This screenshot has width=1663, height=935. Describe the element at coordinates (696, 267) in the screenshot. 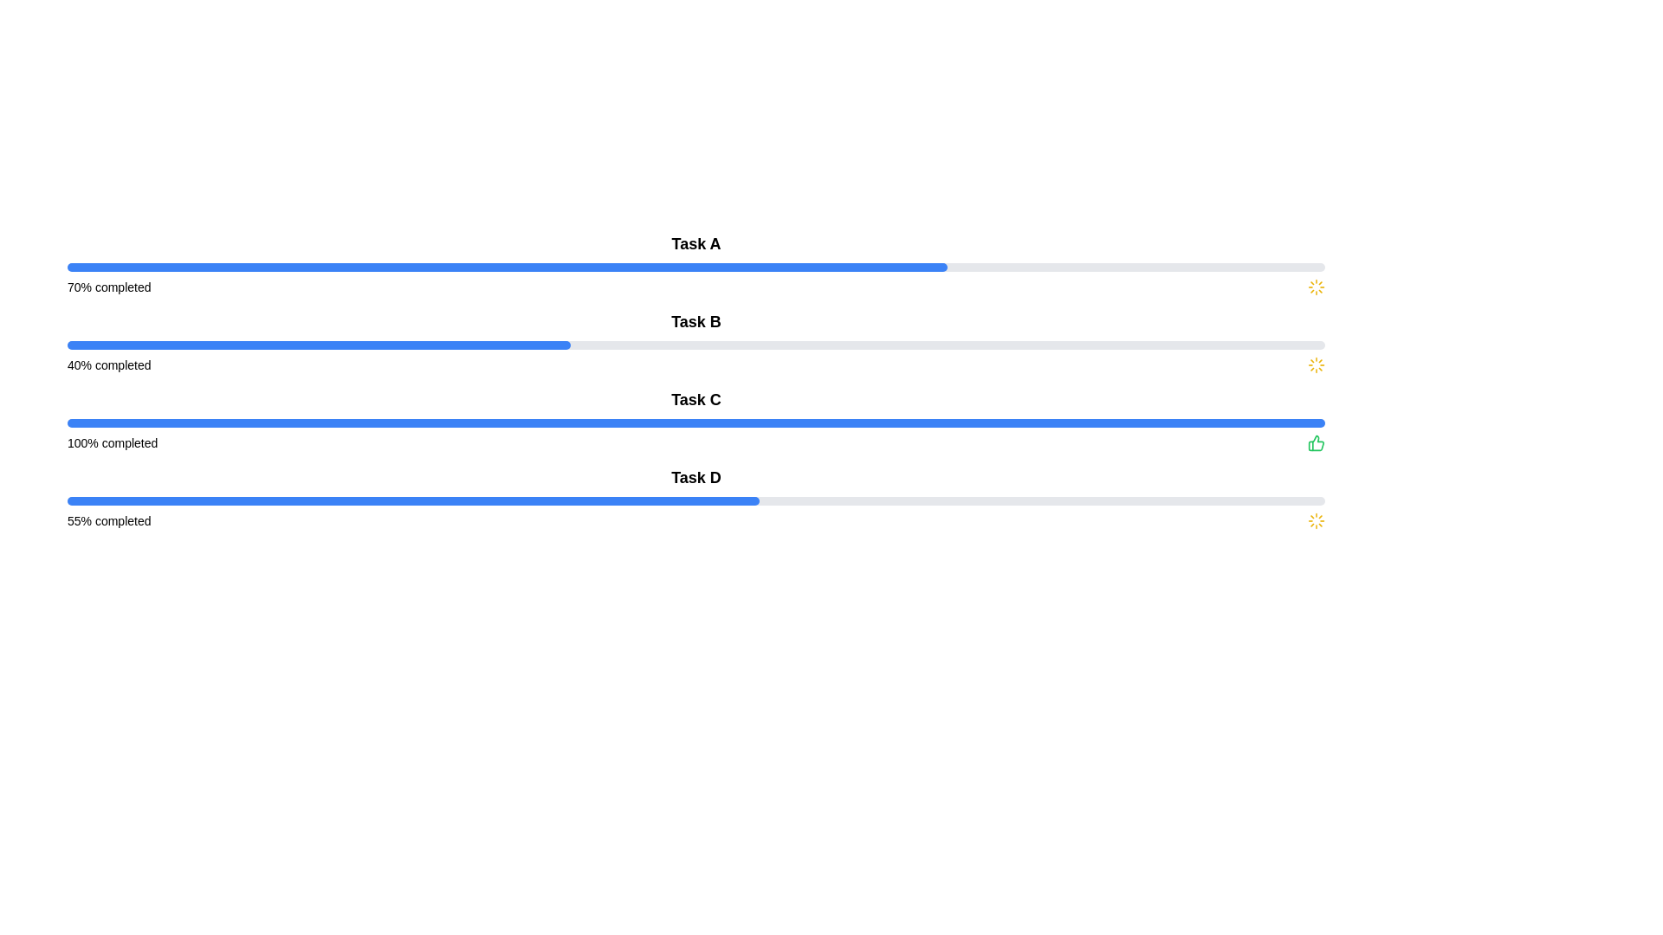

I see `the horizontal progress bar indicating 'Task A' with '70% completed'` at that location.